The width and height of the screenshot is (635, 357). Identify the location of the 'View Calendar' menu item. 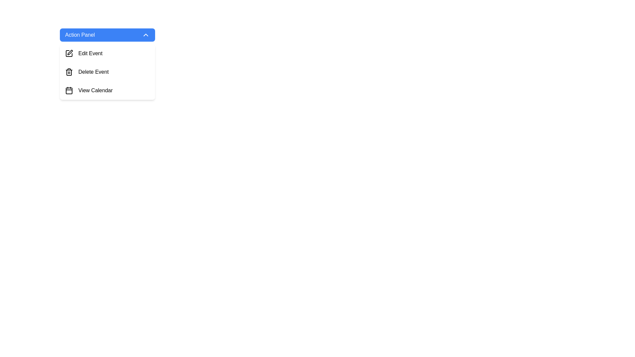
(95, 90).